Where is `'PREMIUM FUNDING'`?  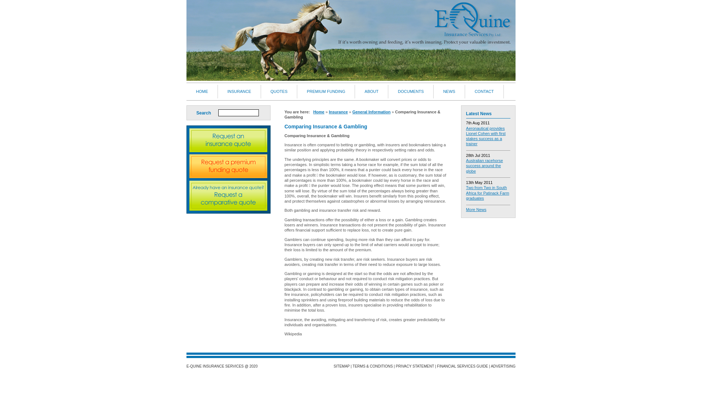
'PREMIUM FUNDING' is located at coordinates (326, 91).